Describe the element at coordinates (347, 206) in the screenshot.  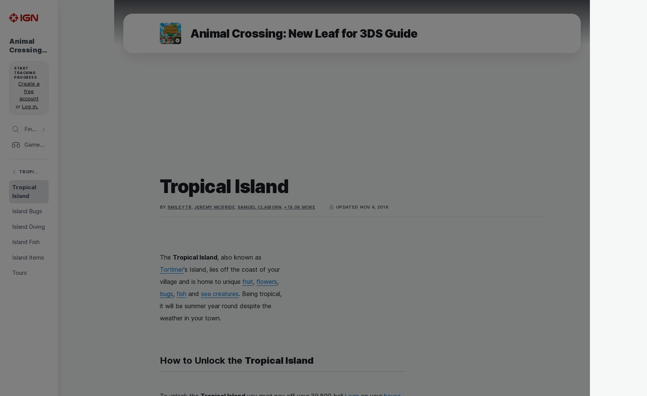
I see `'updated'` at that location.